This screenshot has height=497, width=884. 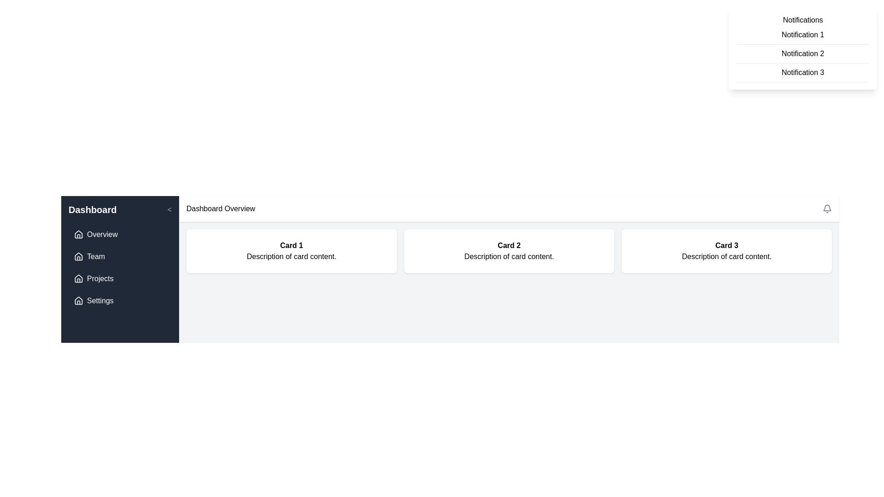 I want to click on the 'Team' button, which is the rectangular button with a dark background and rounded corners, located below the 'Overview' button and above the 'Projects' button in the vertical navigation list, so click(x=119, y=257).